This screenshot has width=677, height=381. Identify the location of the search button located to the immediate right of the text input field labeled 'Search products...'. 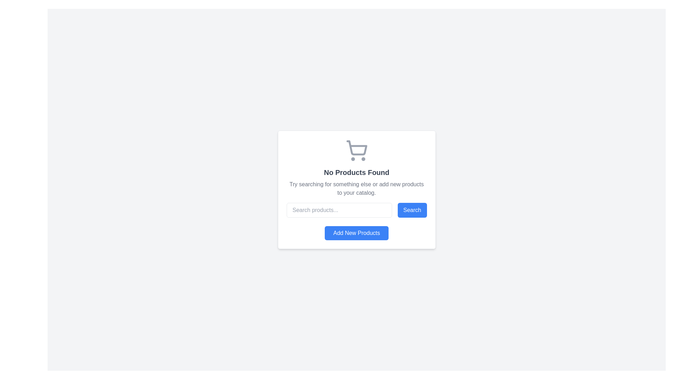
(412, 210).